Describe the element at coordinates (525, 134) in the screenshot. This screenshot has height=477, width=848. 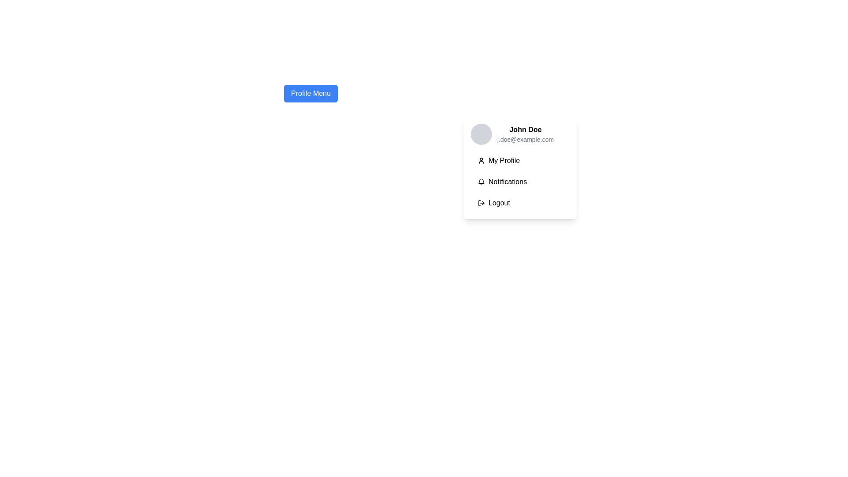
I see `the profile label displaying 'John Doe' and 'j.doe@example.com' in the profile dropdown menu` at that location.